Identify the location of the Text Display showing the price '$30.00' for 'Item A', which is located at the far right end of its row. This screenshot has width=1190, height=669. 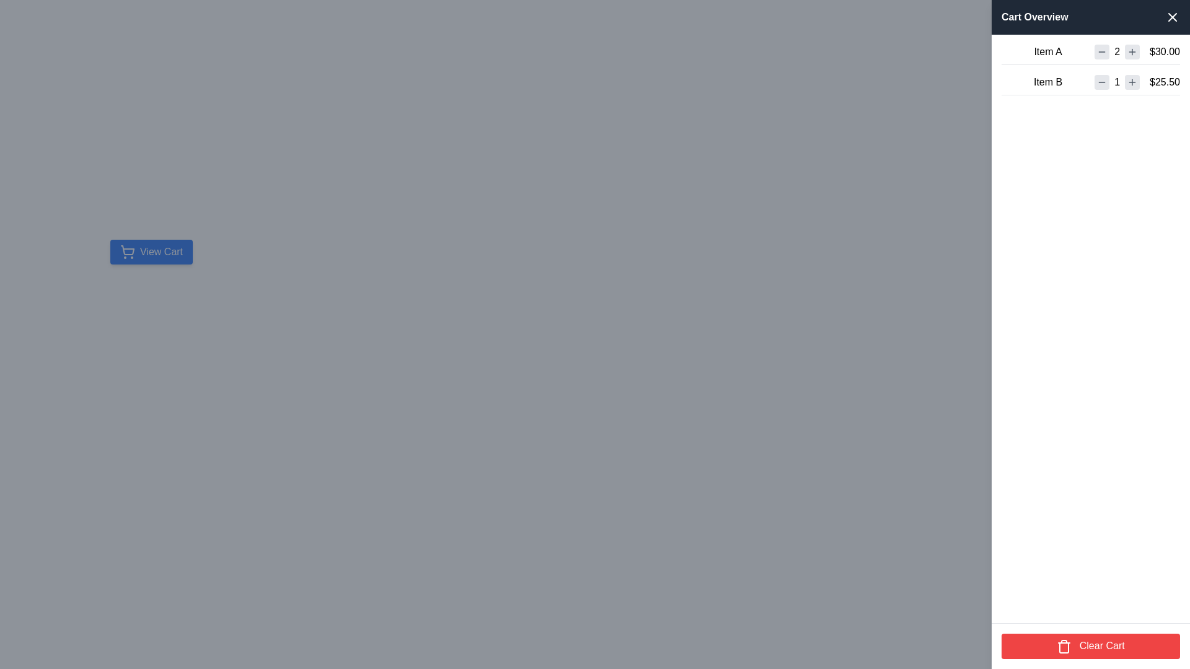
(1164, 51).